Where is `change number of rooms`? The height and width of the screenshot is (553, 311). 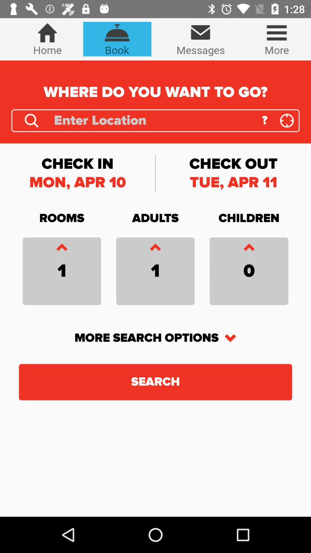
change number of rooms is located at coordinates (62, 249).